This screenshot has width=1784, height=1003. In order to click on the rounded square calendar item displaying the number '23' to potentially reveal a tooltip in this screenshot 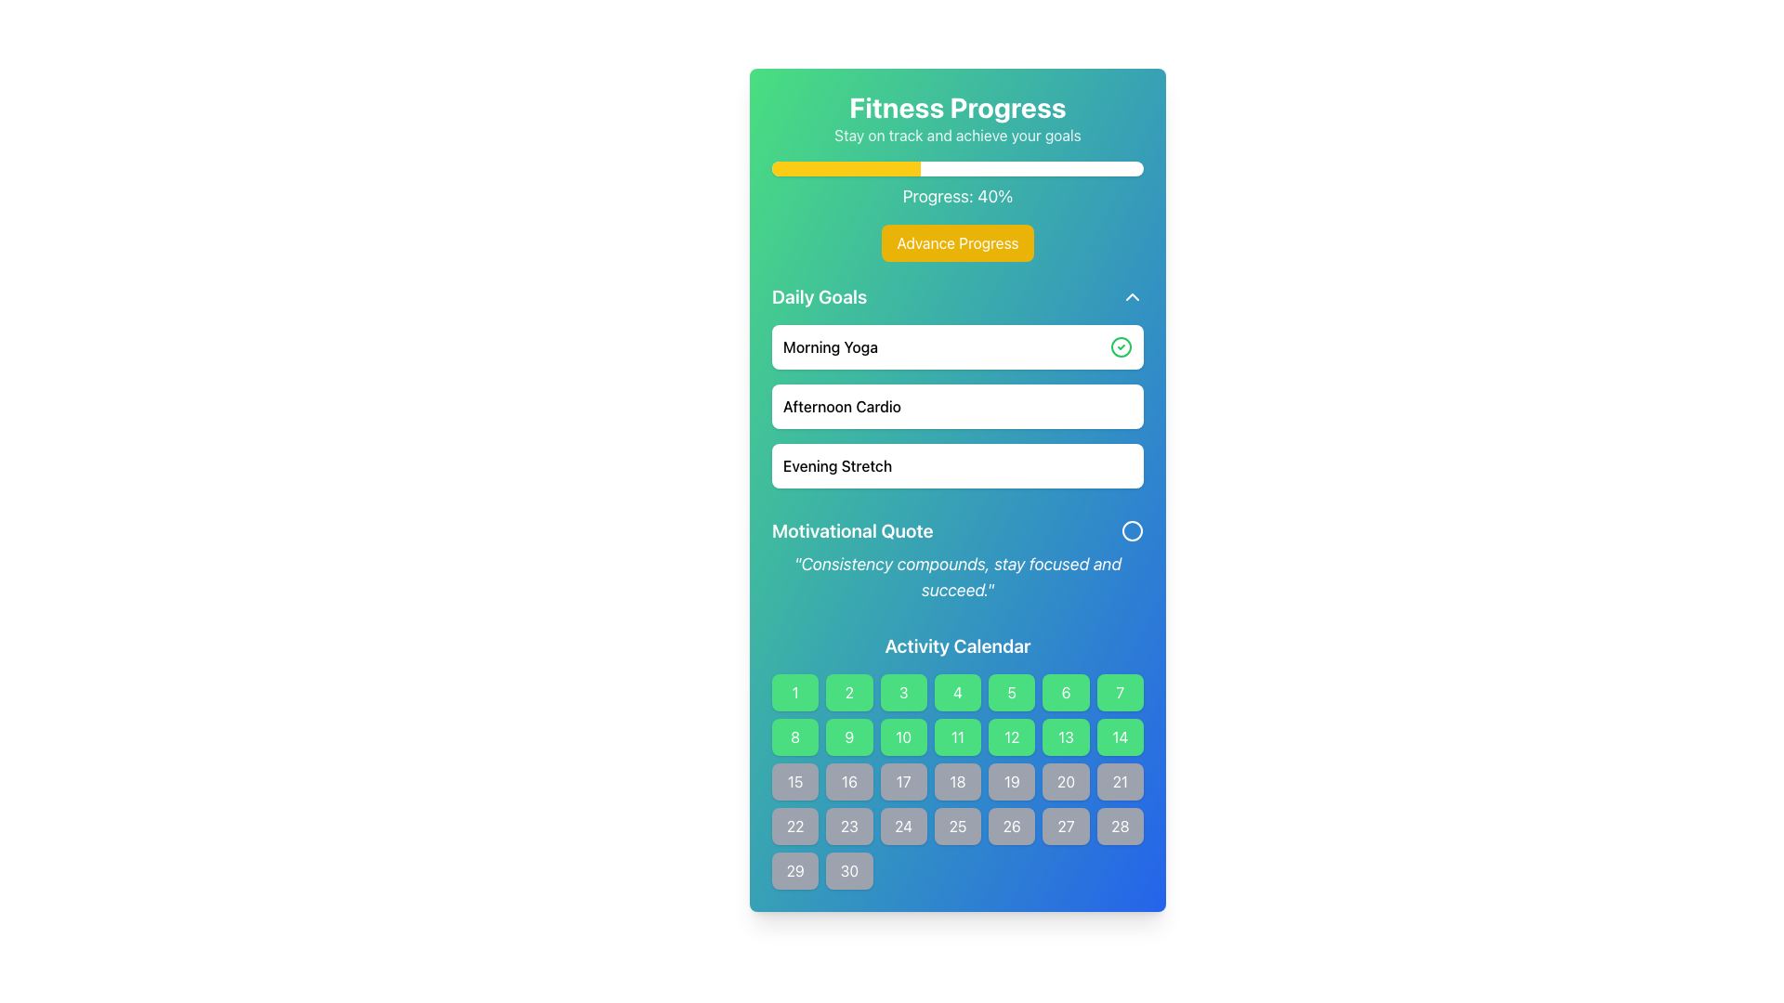, I will do `click(848, 826)`.